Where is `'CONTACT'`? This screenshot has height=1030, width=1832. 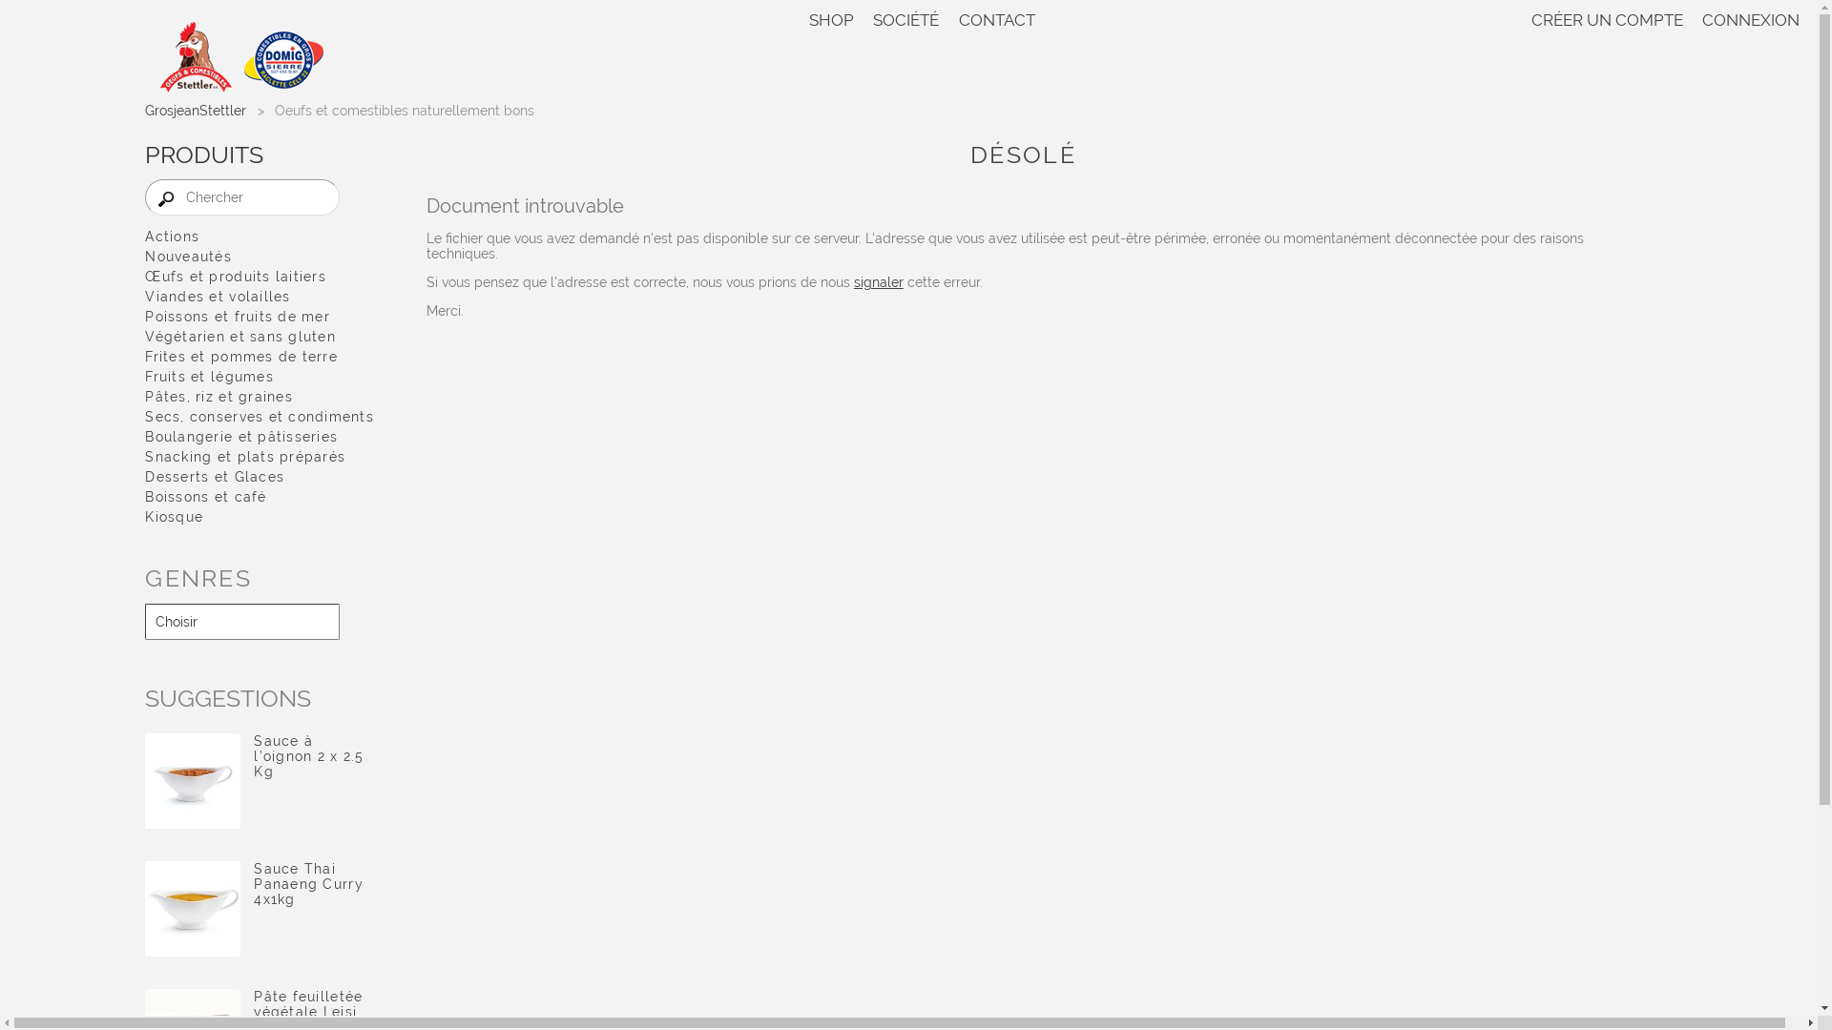
'CONTACT' is located at coordinates (996, 19).